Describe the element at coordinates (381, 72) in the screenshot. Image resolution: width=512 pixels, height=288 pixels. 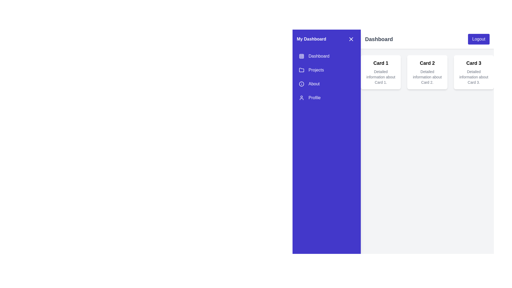
I see `the Informational card with bold text 'Card 1' located in the top-right section of the interface` at that location.